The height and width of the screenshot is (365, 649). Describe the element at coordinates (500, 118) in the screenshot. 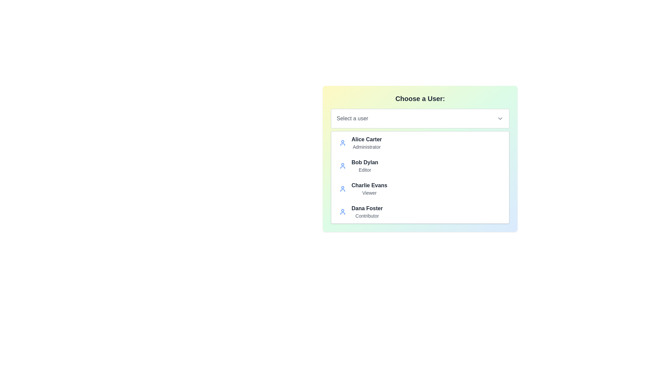

I see `the downward-facing chevron icon (SVG graphic) within the 'Select a user' dropdown to trigger hover-based effects` at that location.